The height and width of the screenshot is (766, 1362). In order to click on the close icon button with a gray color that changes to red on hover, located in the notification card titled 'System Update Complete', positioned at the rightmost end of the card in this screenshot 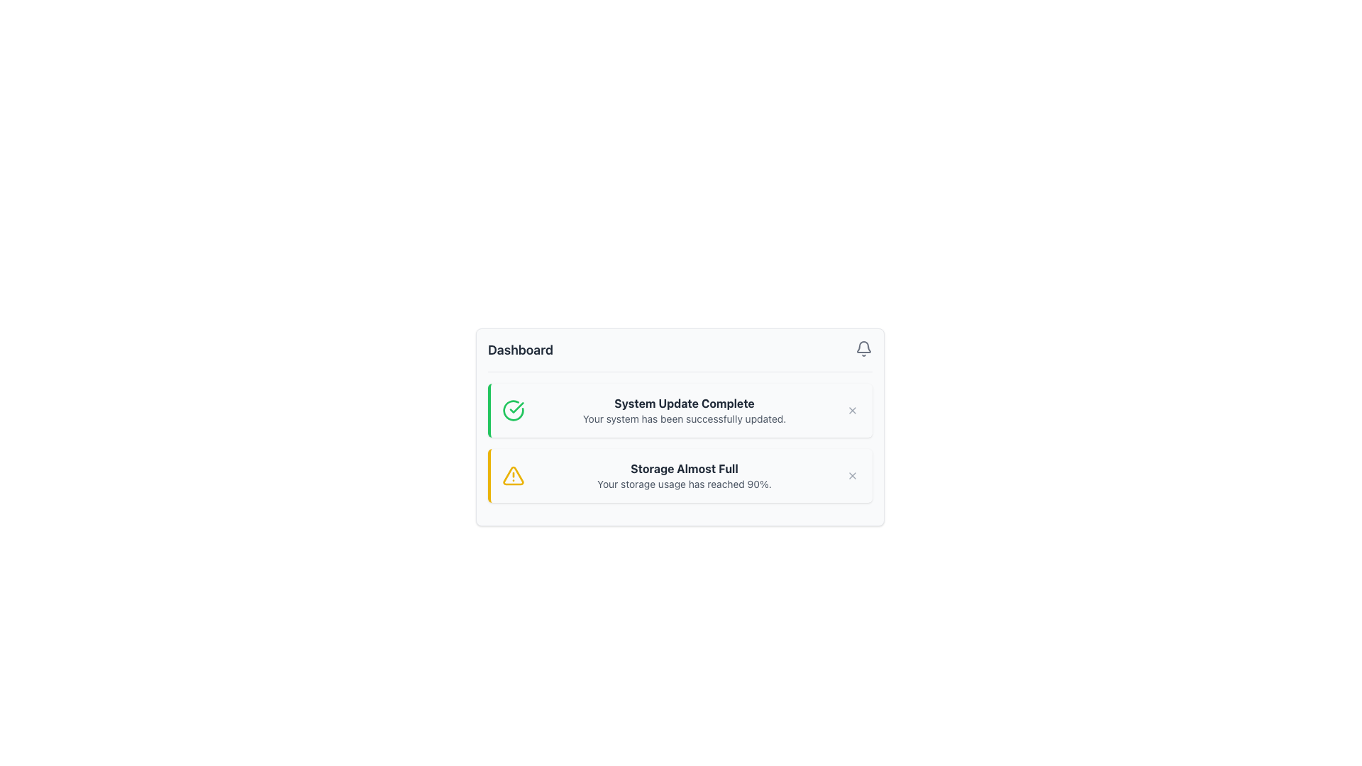, I will do `click(851, 410)`.